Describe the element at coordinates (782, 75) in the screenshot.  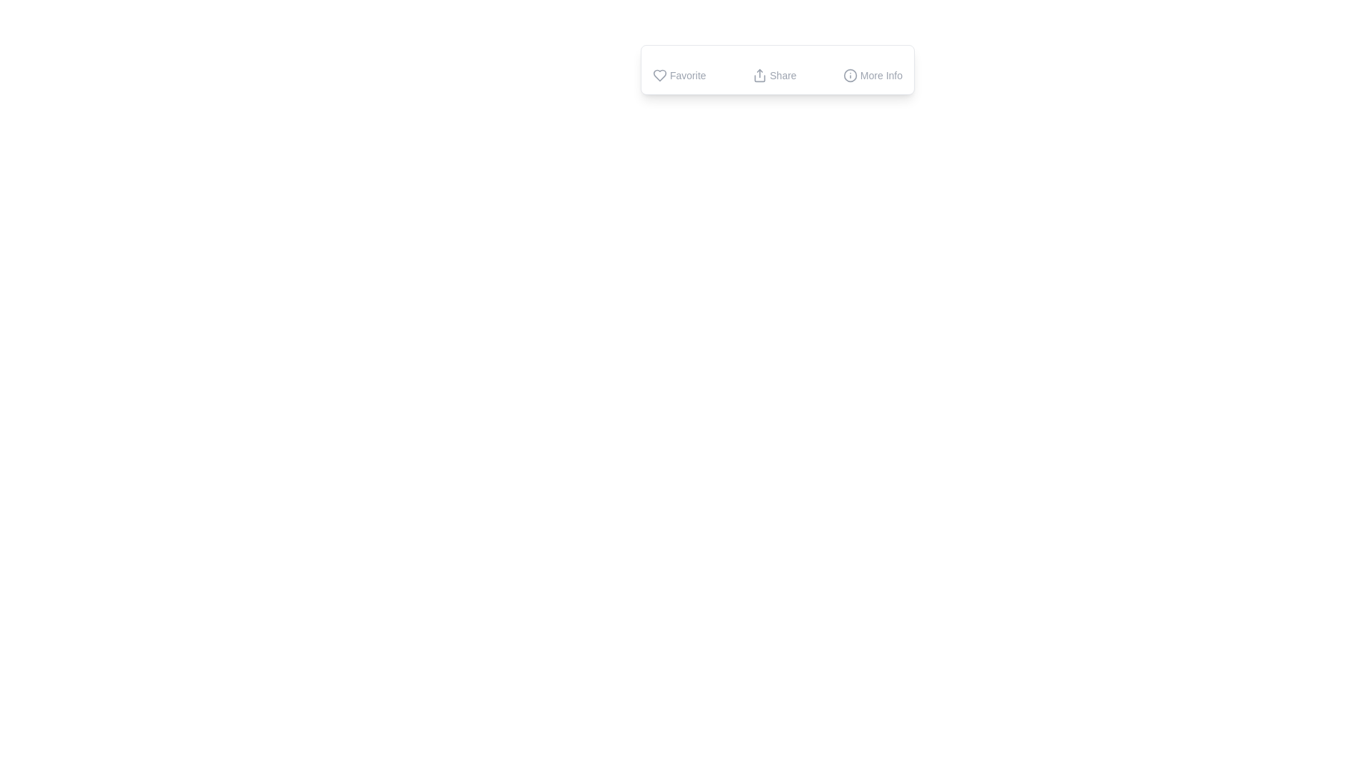
I see `the small gray 'Share' label located next to the 'Share' icon in the top right section of the toolbar` at that location.